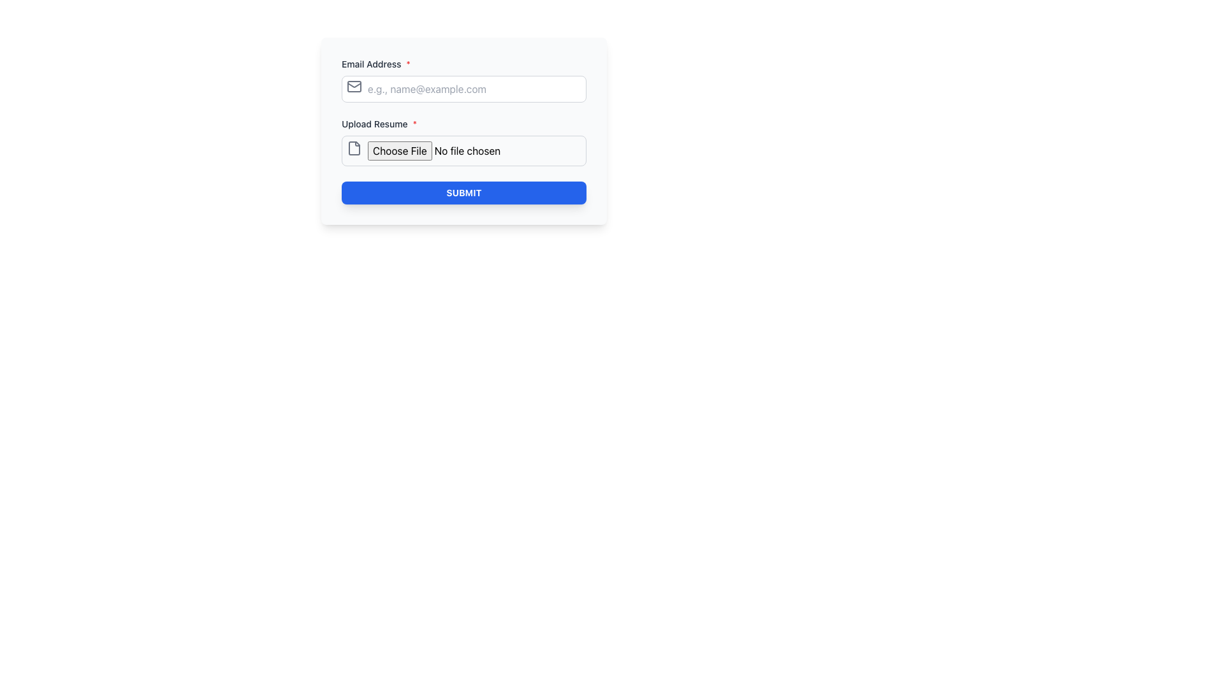  Describe the element at coordinates (463, 88) in the screenshot. I see `the email input field located under the heading 'Email Address *' to focus on it` at that location.